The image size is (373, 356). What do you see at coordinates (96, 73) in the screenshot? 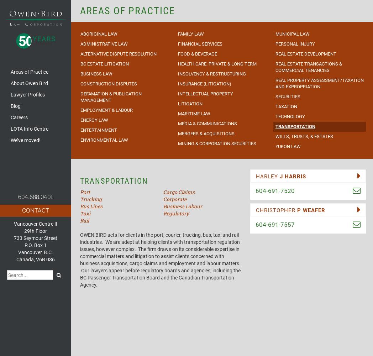
I see `'Business Law'` at bounding box center [96, 73].